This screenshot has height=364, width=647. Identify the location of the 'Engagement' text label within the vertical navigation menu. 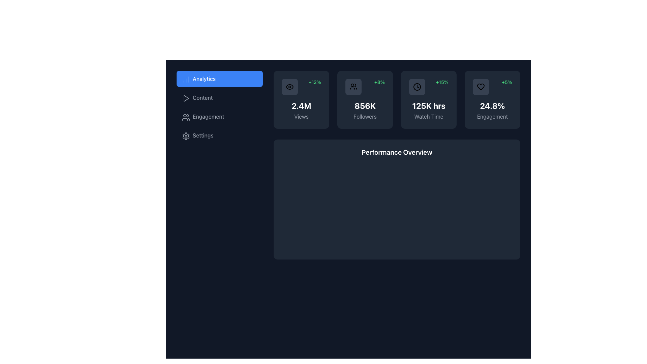
(208, 116).